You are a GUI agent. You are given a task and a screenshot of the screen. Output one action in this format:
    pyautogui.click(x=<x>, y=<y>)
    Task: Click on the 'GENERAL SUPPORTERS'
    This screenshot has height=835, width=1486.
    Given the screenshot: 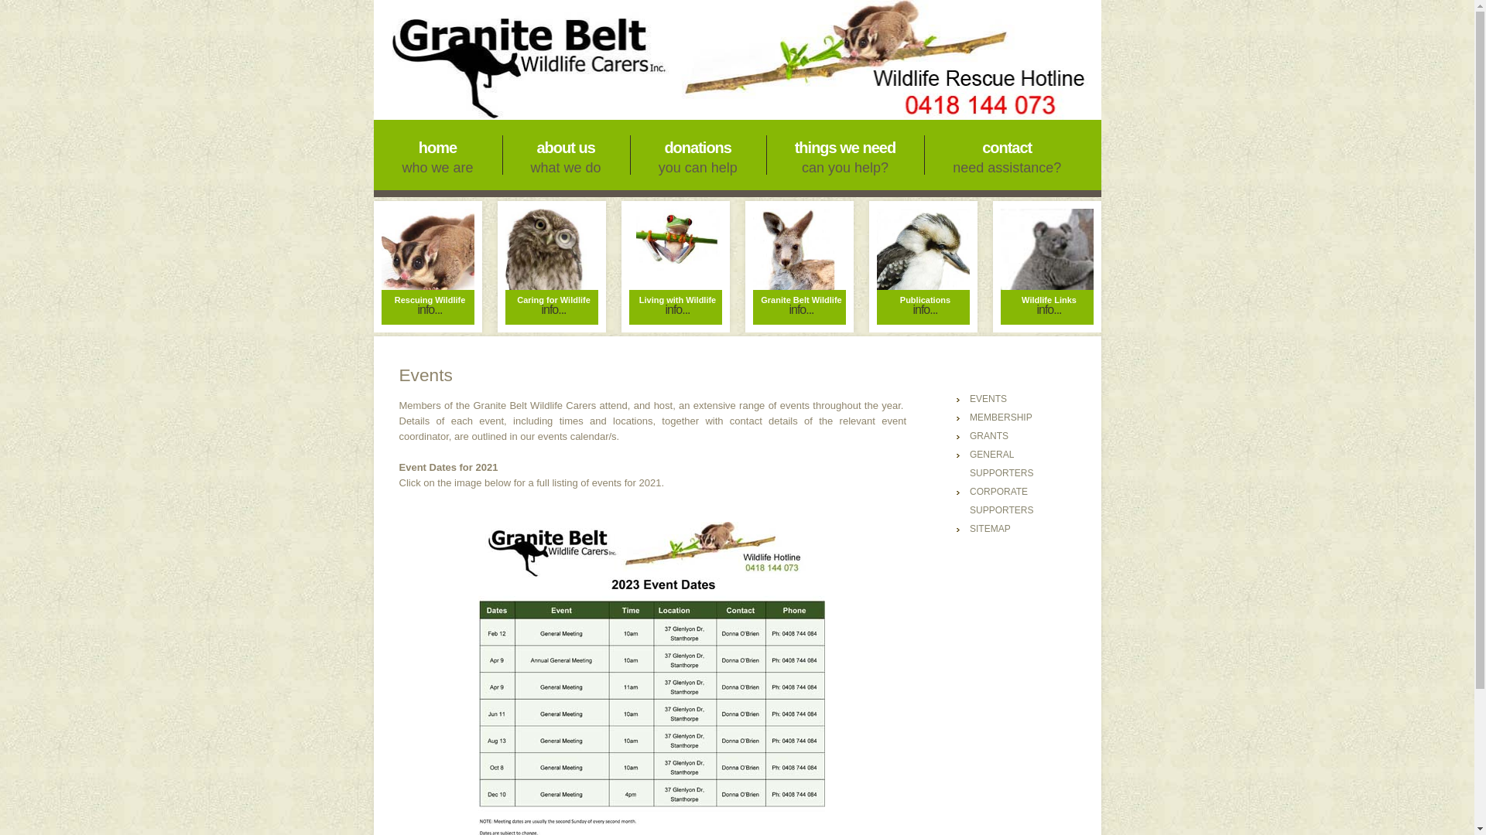 What is the action you would take?
    pyautogui.click(x=1002, y=463)
    